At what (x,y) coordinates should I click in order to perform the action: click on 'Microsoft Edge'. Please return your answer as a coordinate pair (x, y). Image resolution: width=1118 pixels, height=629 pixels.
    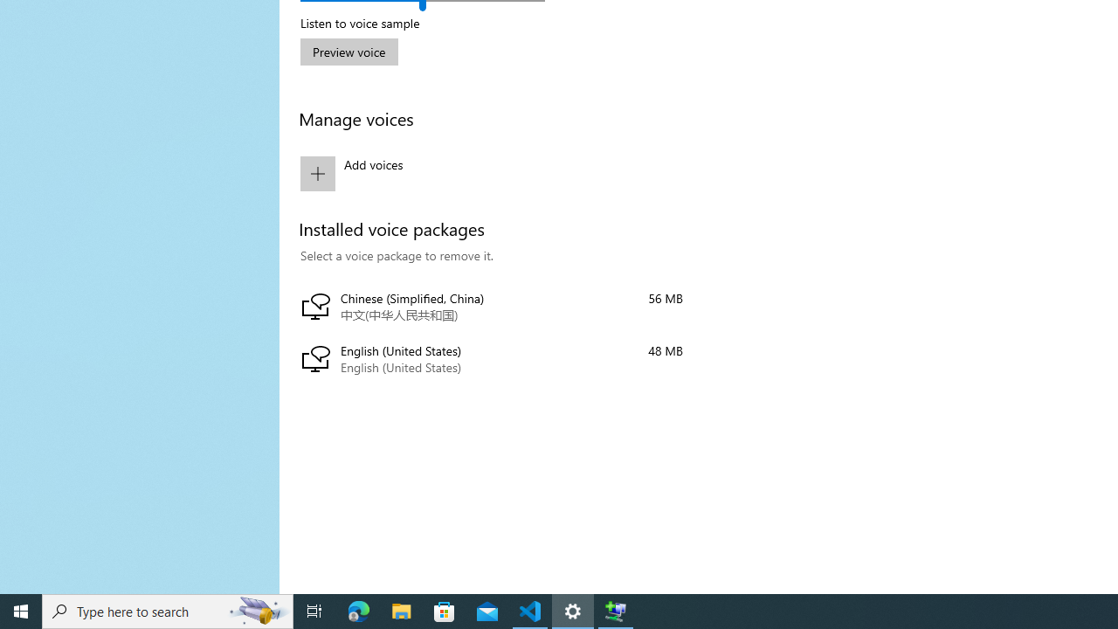
    Looking at the image, I should click on (358, 610).